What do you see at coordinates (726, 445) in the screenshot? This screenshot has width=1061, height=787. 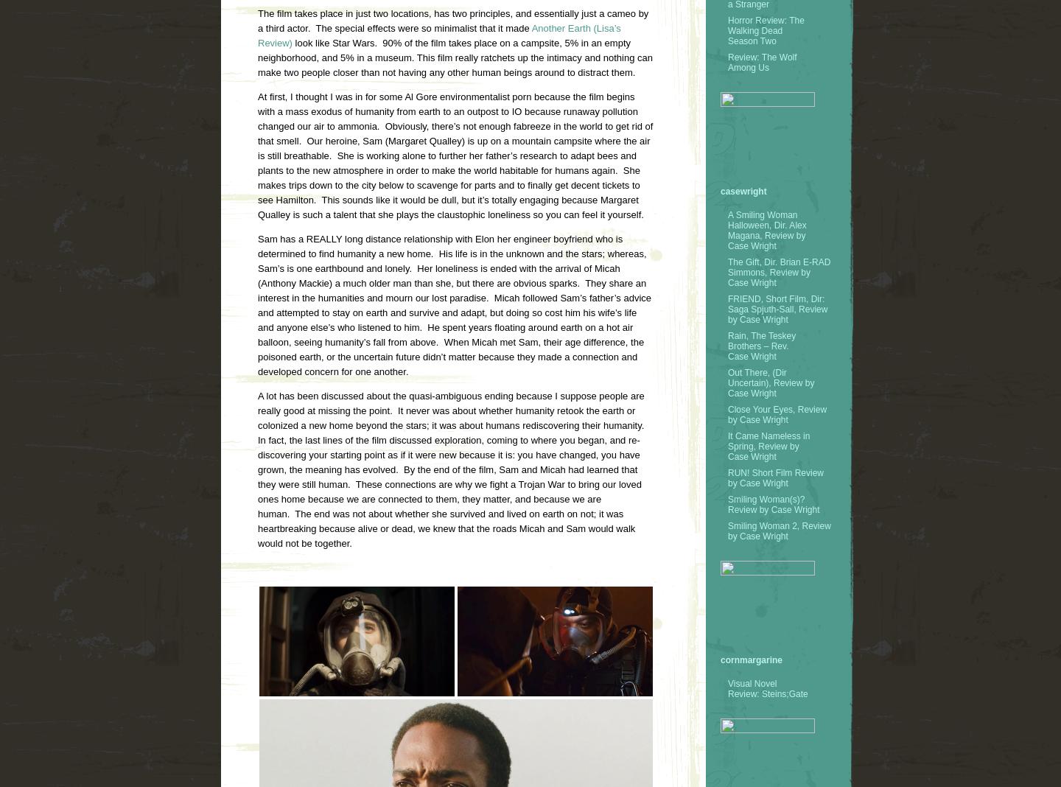 I see `'It Came Nameless in Spring, Review by Case Wright'` at bounding box center [726, 445].